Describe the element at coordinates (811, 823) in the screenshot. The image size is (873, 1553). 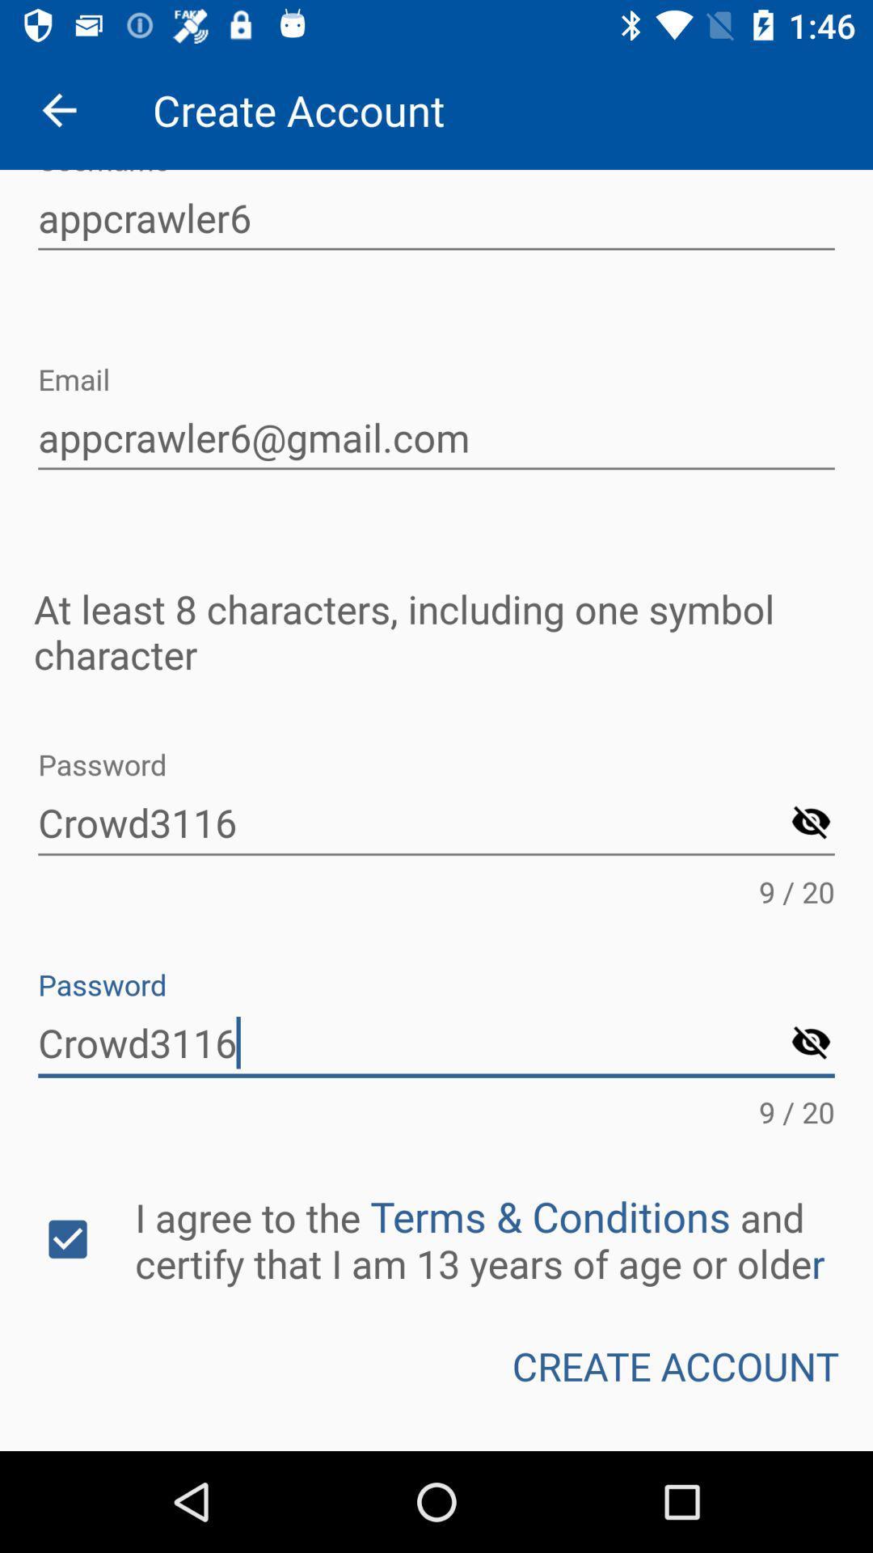
I see `hide password option` at that location.